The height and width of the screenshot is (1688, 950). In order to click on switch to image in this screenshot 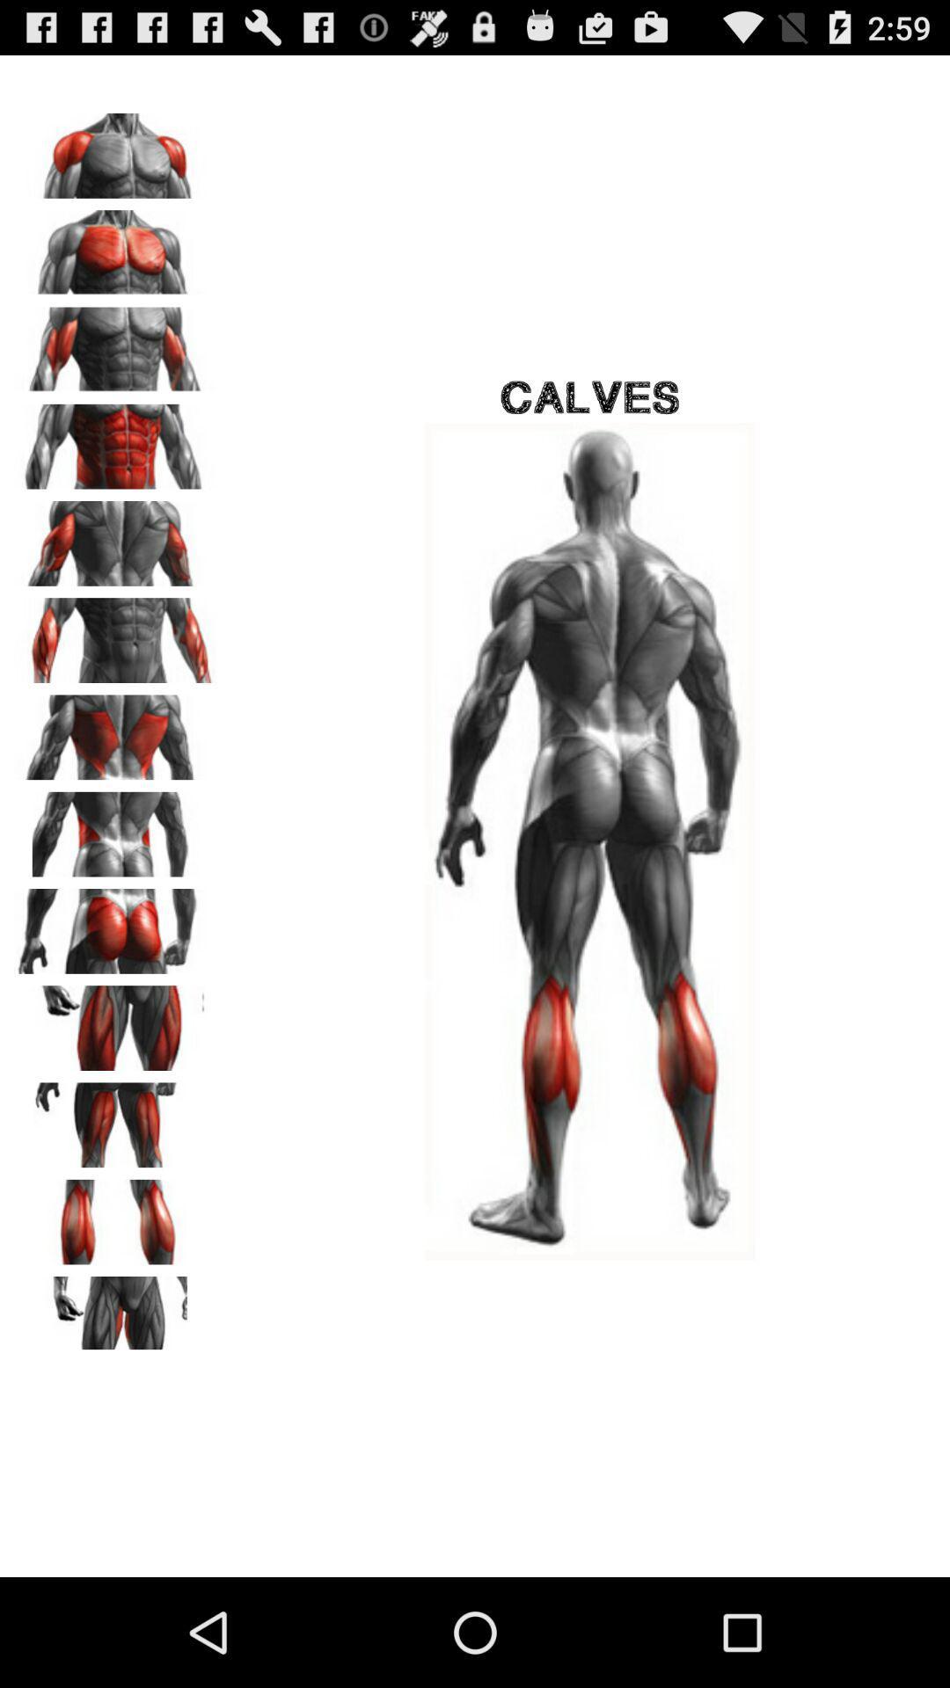, I will do `click(115, 440)`.